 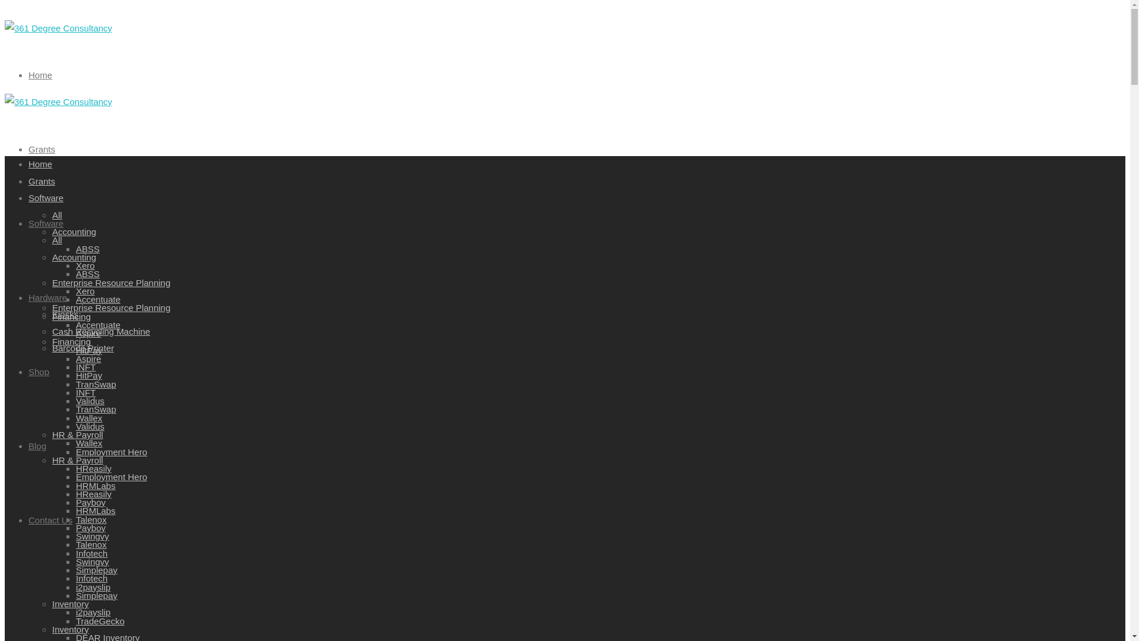 I want to click on 'Inventory', so click(x=70, y=629).